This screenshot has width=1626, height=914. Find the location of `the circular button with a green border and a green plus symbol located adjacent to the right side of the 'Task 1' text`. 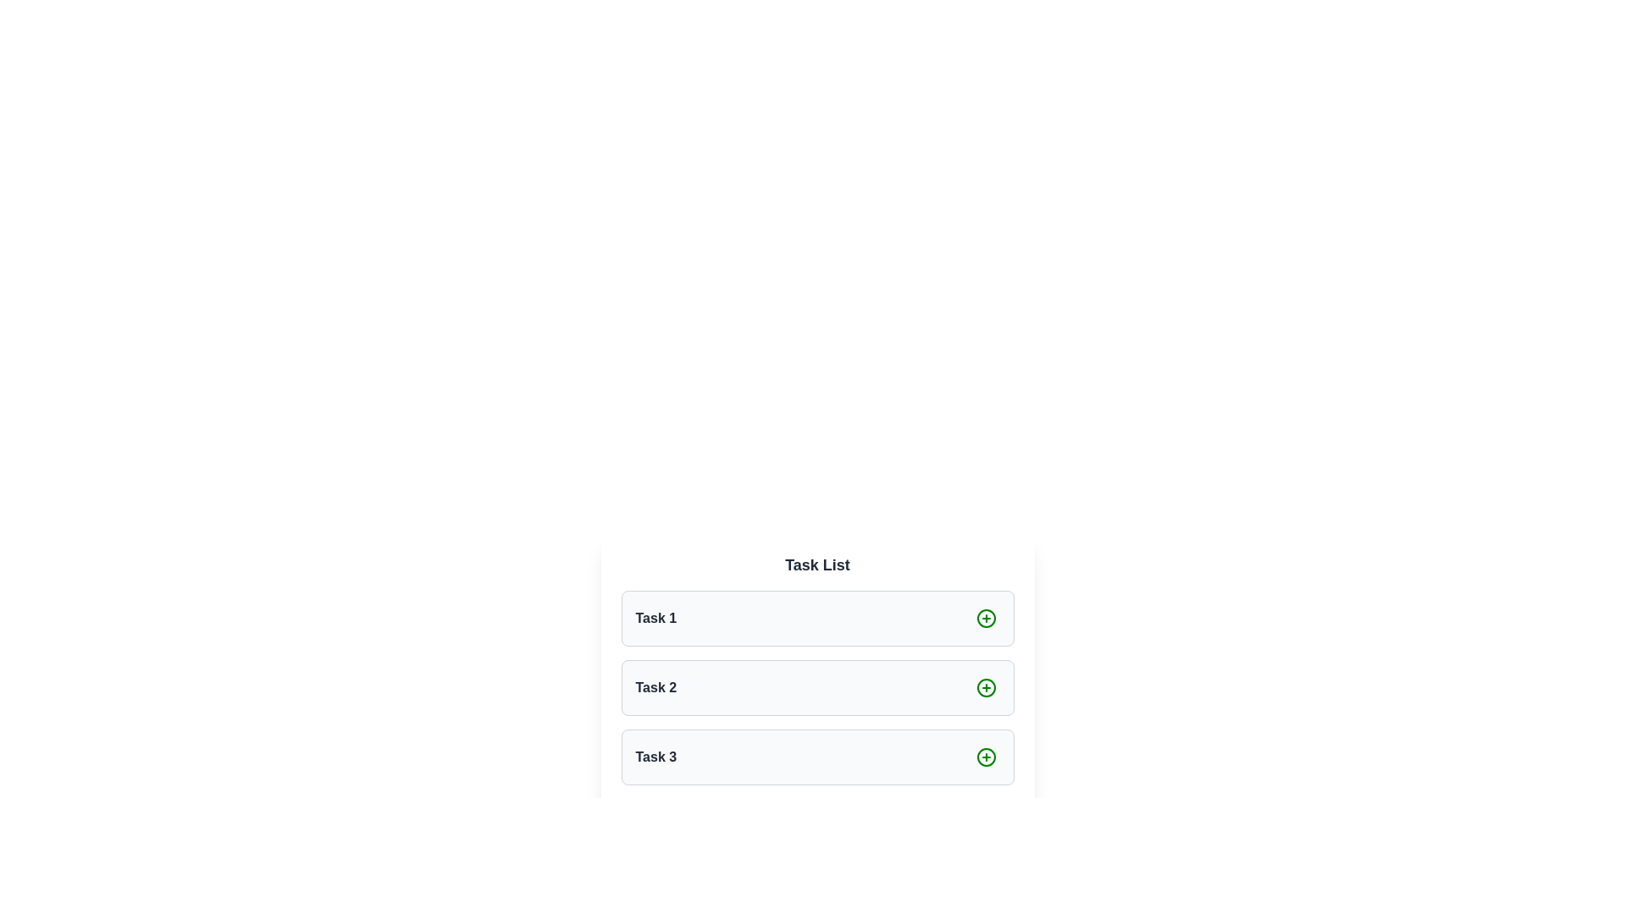

the circular button with a green border and a green plus symbol located adjacent to the right side of the 'Task 1' text is located at coordinates (986, 619).